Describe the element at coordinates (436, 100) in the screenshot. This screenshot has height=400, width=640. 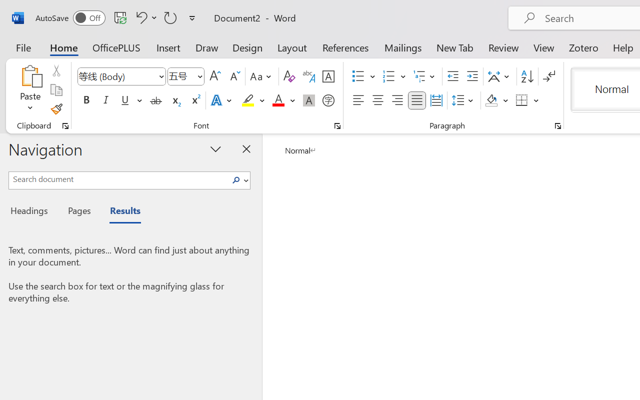
I see `'Distributed'` at that location.